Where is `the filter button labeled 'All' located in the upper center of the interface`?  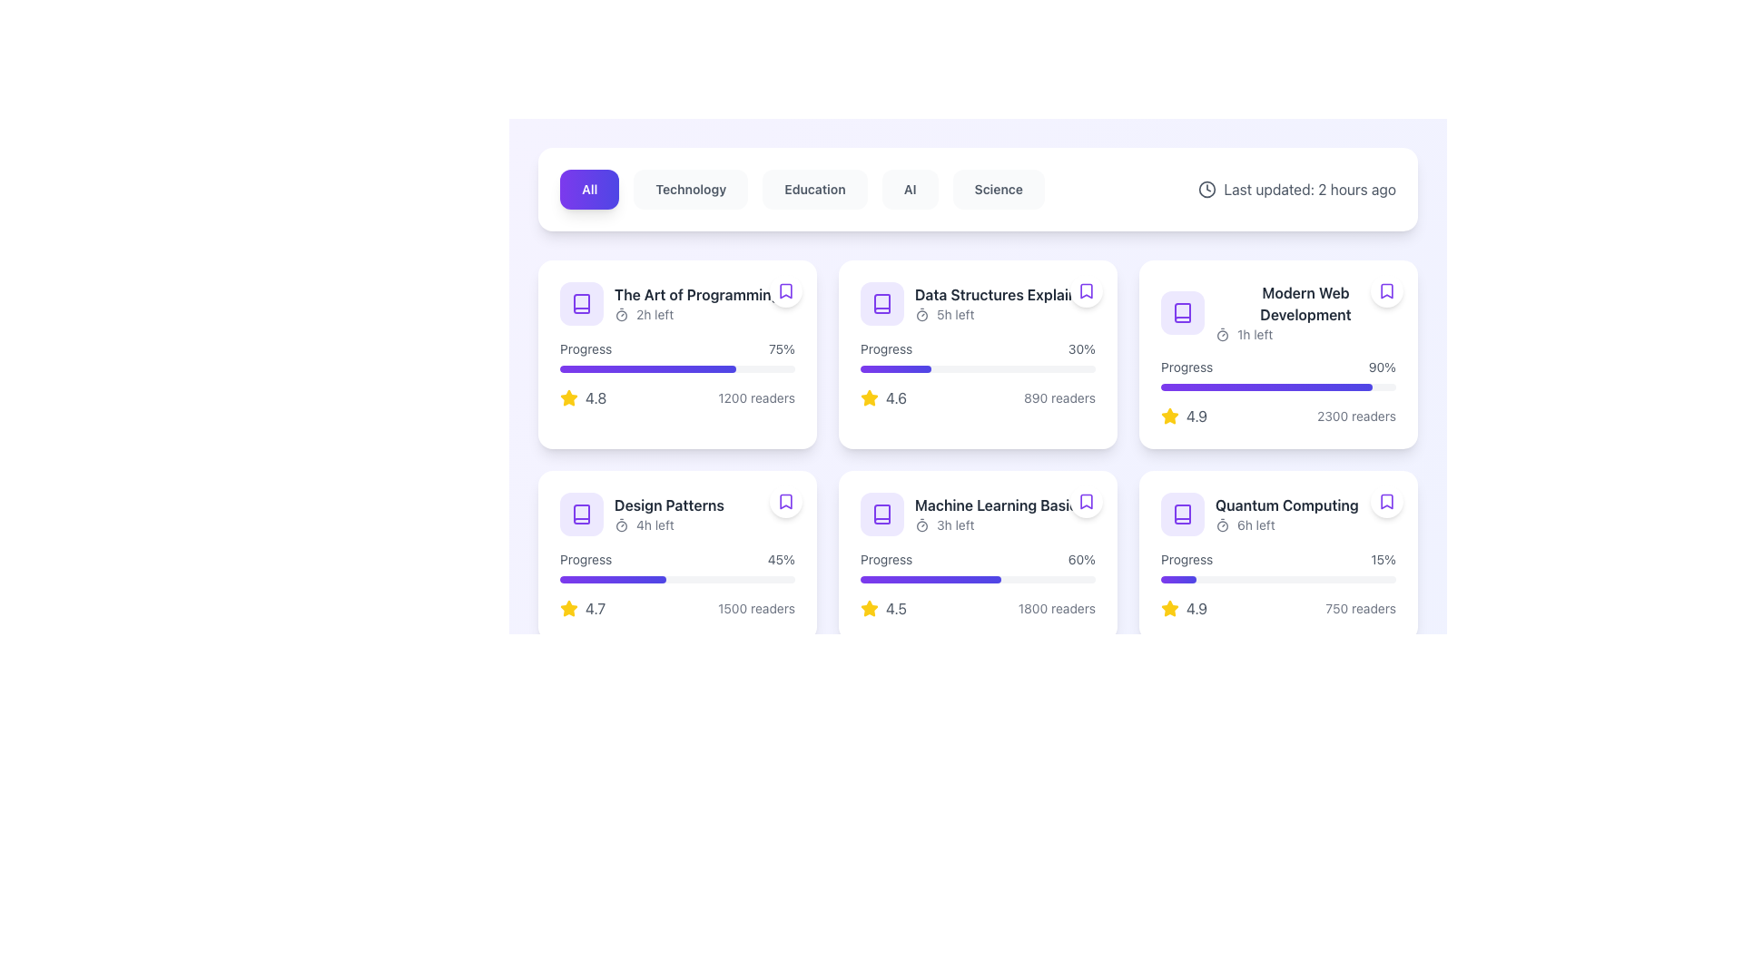 the filter button labeled 'All' located in the upper center of the interface is located at coordinates (589, 189).